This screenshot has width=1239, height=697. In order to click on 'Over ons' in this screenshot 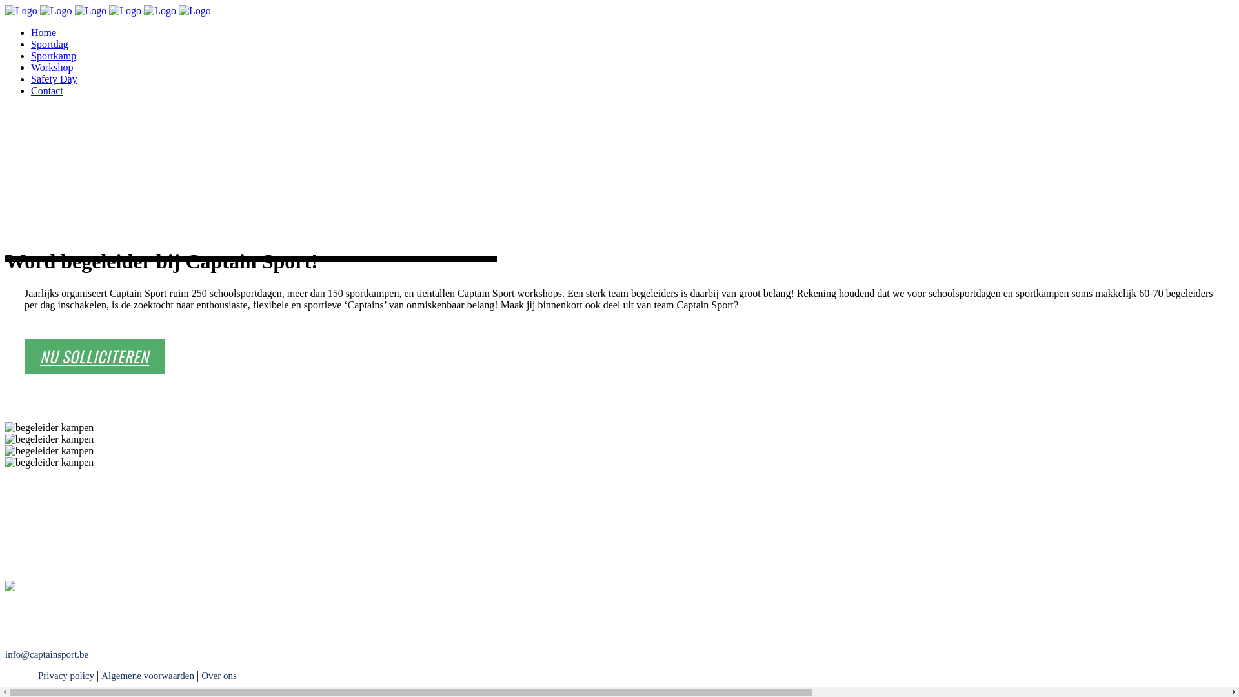, I will do `click(219, 674)`.